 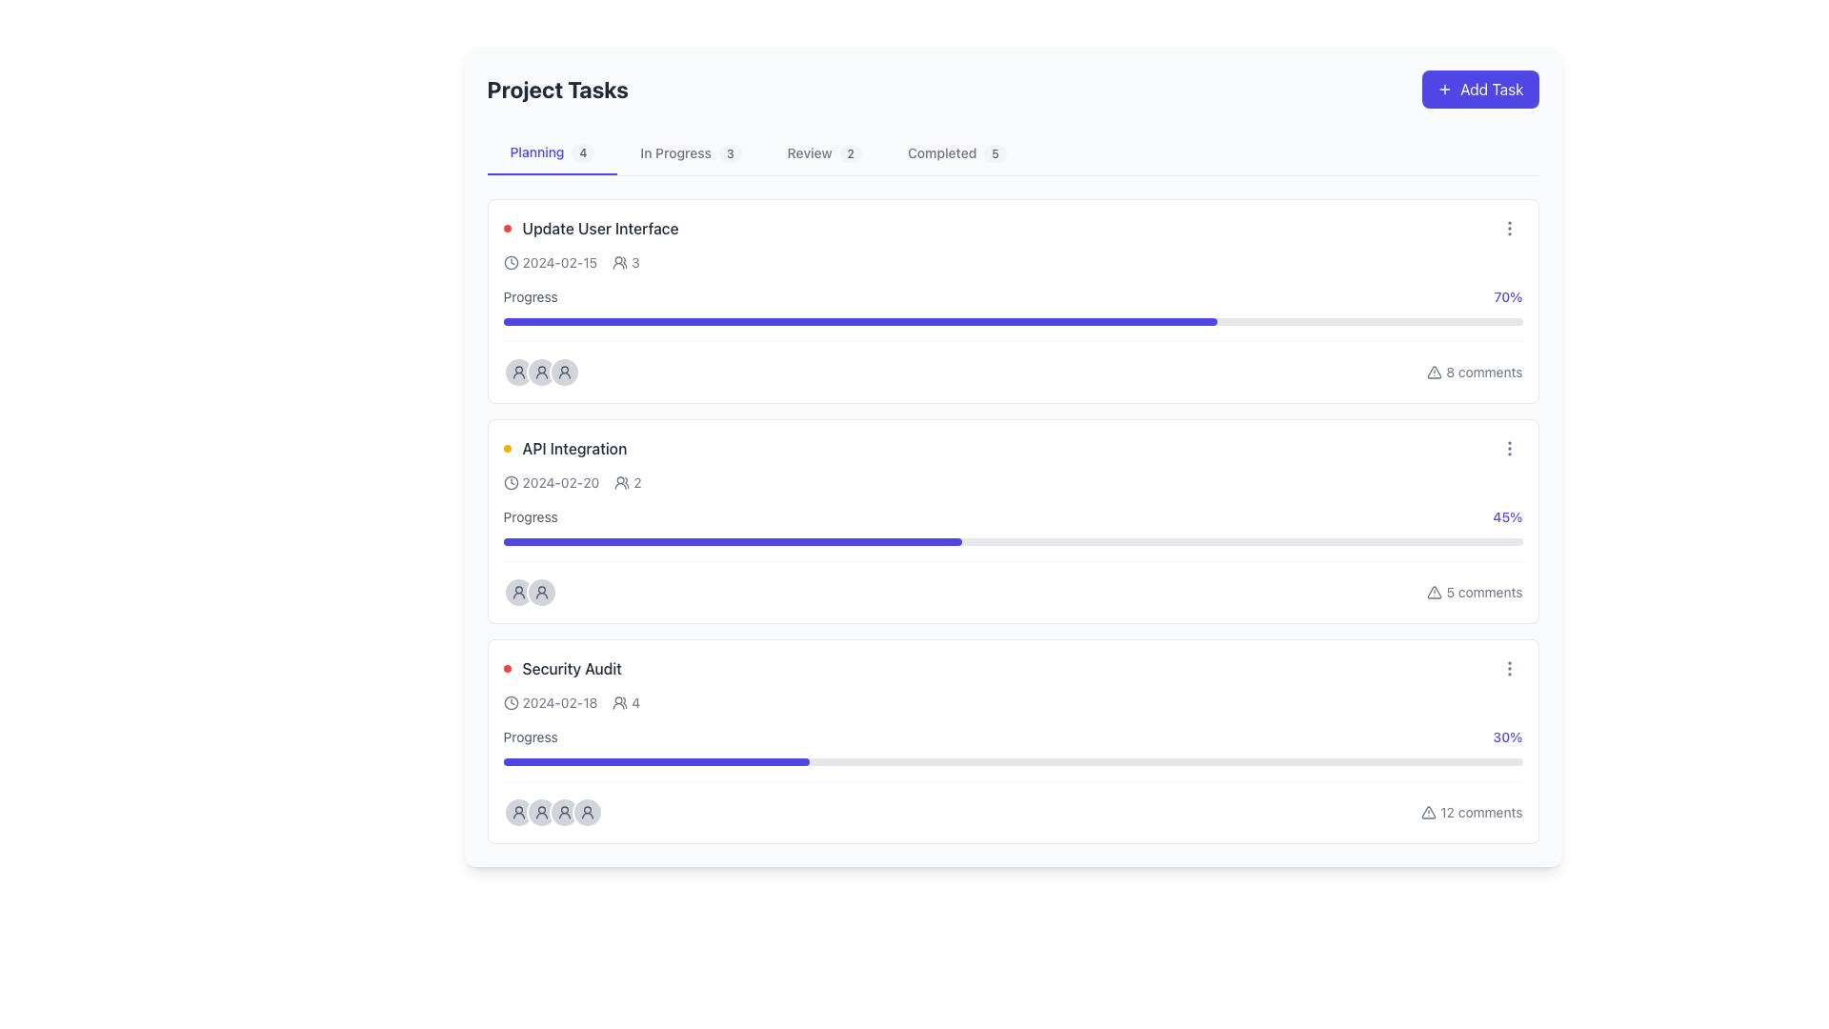 What do you see at coordinates (518, 812) in the screenshot?
I see `the user profile icon, which is a minimalistic circular design located in the rightmost position of the row of user avatars within the 'Security Audit' task card` at bounding box center [518, 812].